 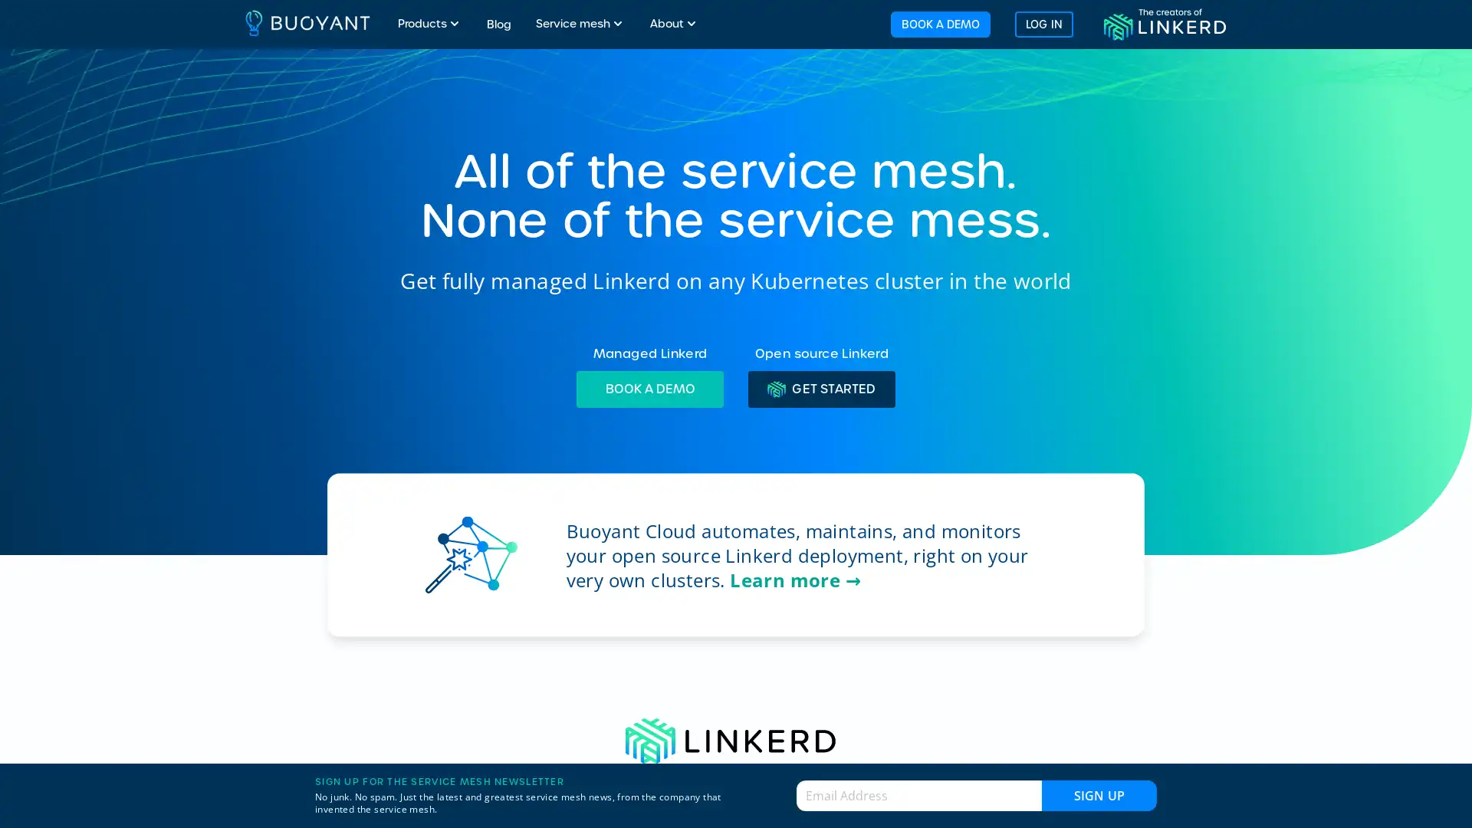 What do you see at coordinates (1099, 794) in the screenshot?
I see `Sign up` at bounding box center [1099, 794].